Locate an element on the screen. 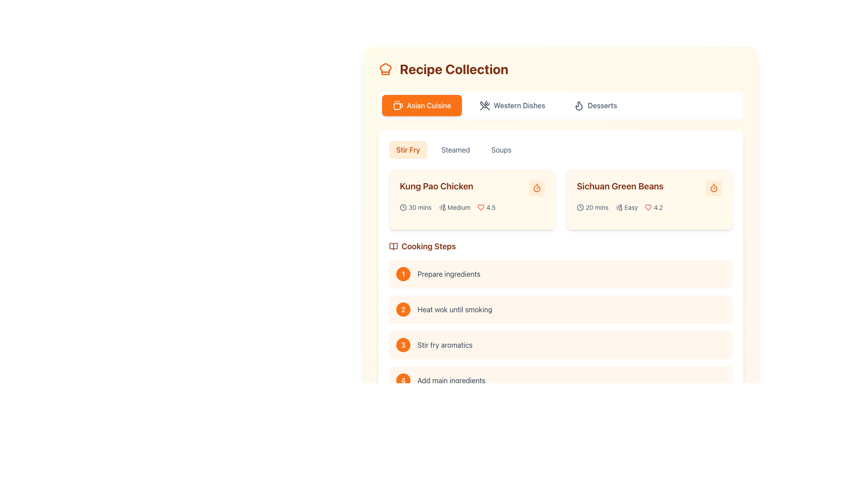 The width and height of the screenshot is (852, 479). information from the recipe details section, which includes preparation time, difficulty level, and rating for the 'Kung Pao Chicken' recipe is located at coordinates (472, 207).